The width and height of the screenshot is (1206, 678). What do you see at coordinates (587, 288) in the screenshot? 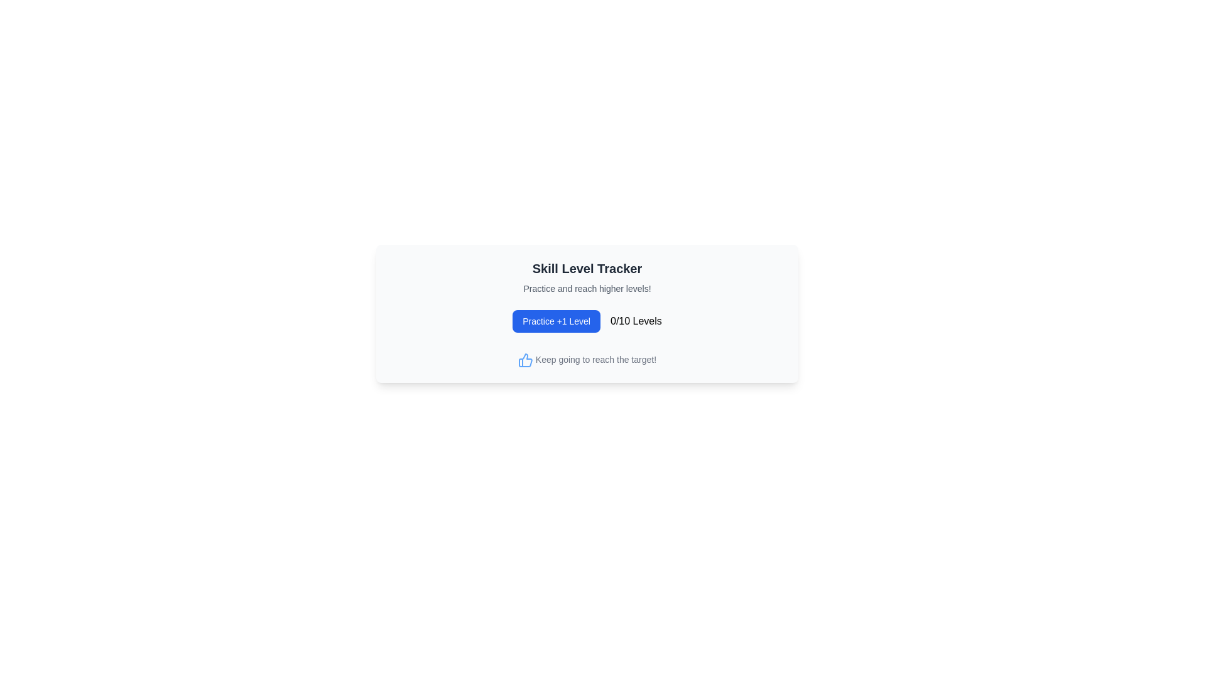
I see `the informative text that reads 'Practice and reach higher levels!', which is centrally aligned beneath the title 'Skill Level Tracker' and above the button 'Practice +1 Level'` at bounding box center [587, 288].